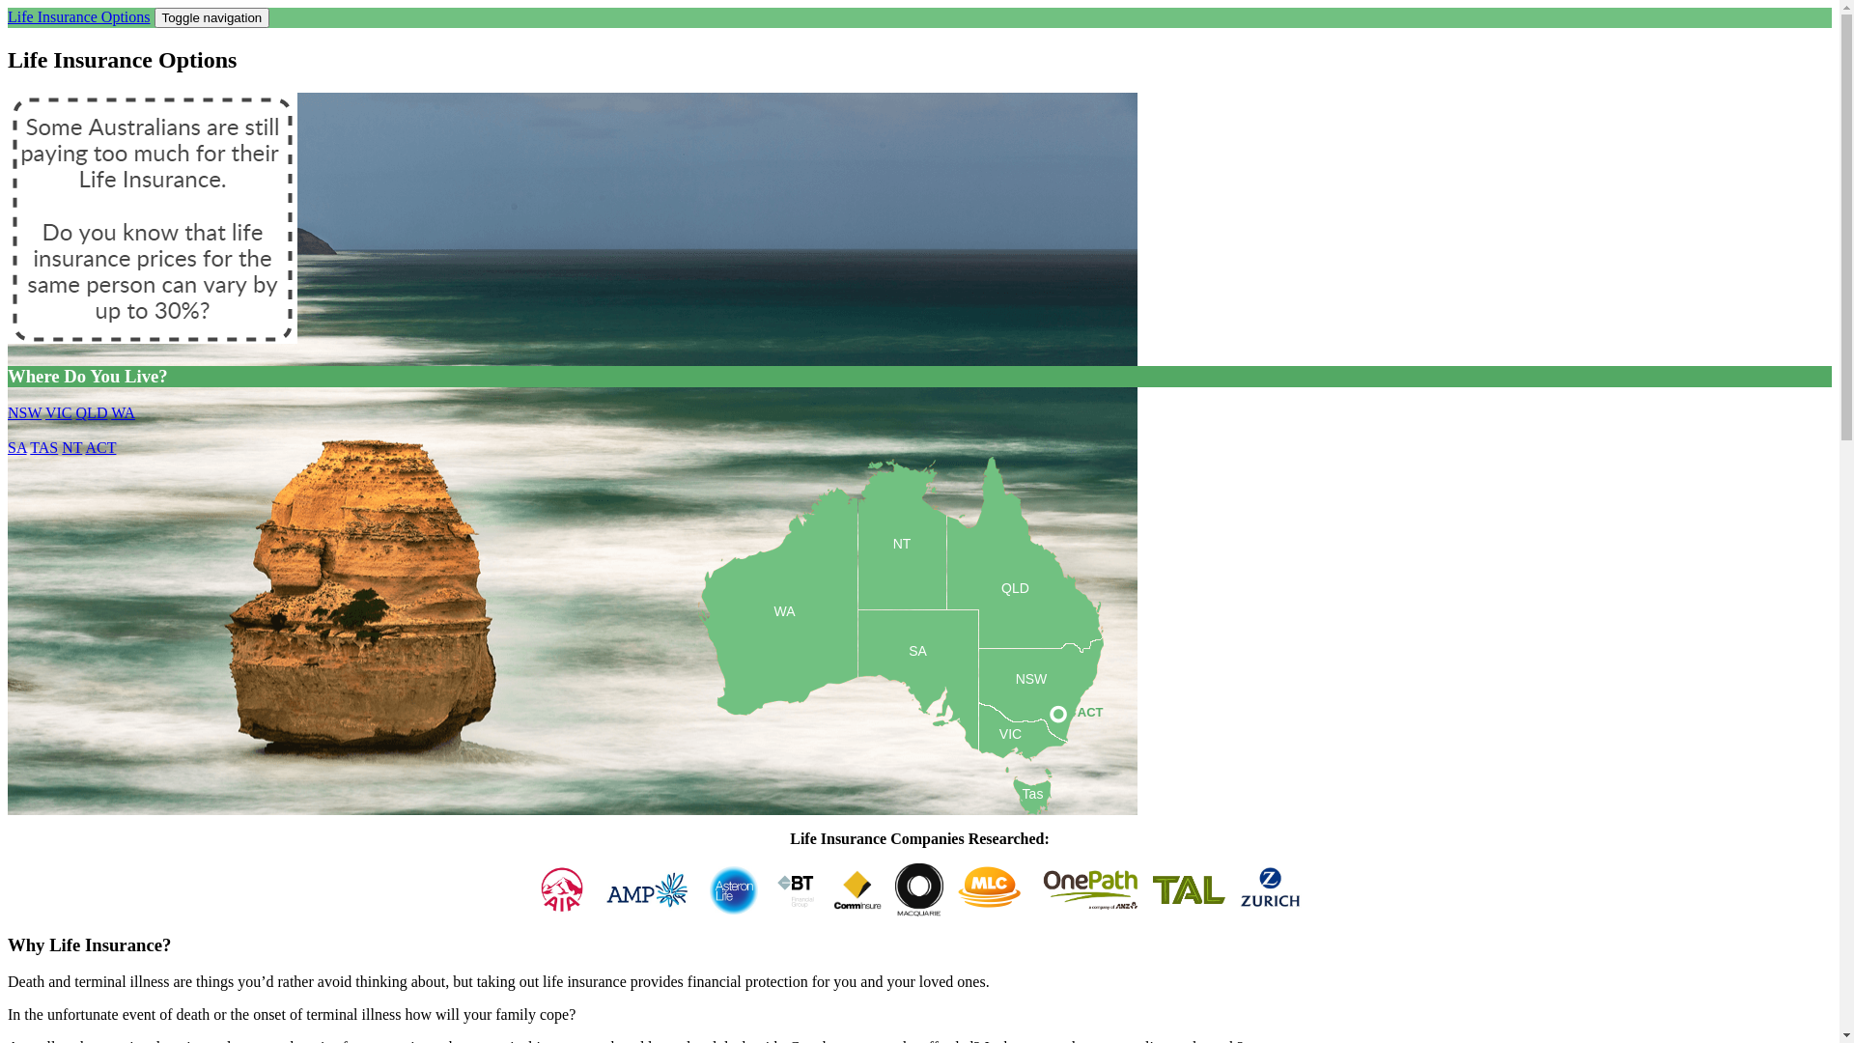 The image size is (1854, 1043). I want to click on 'Life Insurance Options', so click(8, 16).